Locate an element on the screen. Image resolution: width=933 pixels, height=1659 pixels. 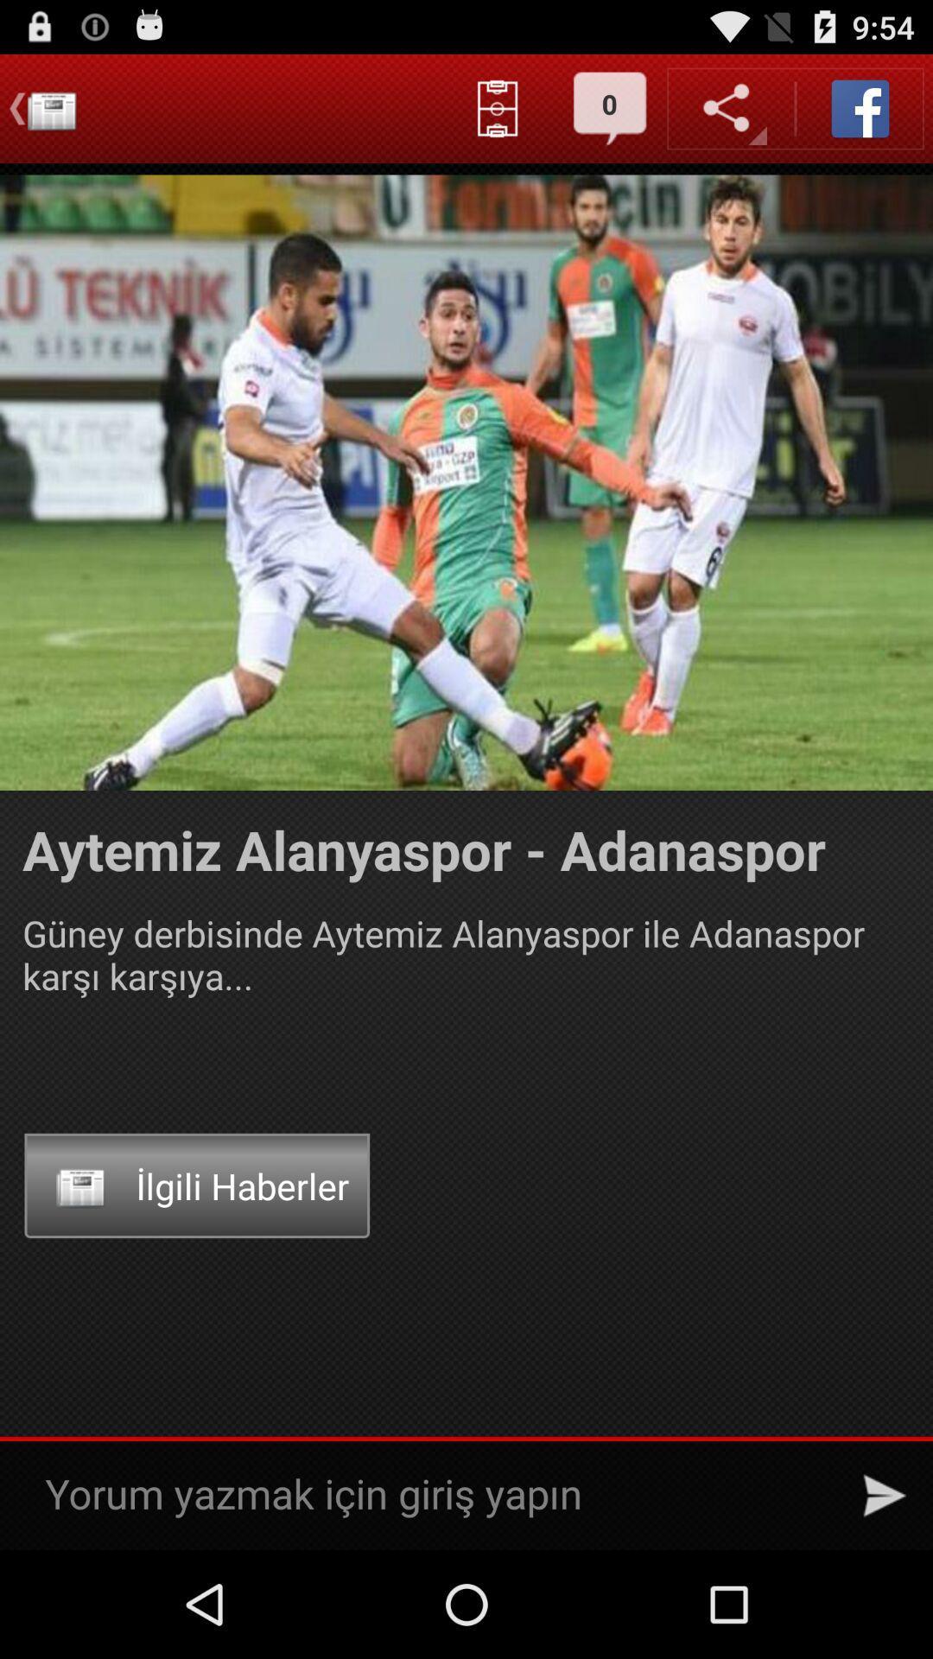
the icon at the bottom right corner is located at coordinates (885, 1495).